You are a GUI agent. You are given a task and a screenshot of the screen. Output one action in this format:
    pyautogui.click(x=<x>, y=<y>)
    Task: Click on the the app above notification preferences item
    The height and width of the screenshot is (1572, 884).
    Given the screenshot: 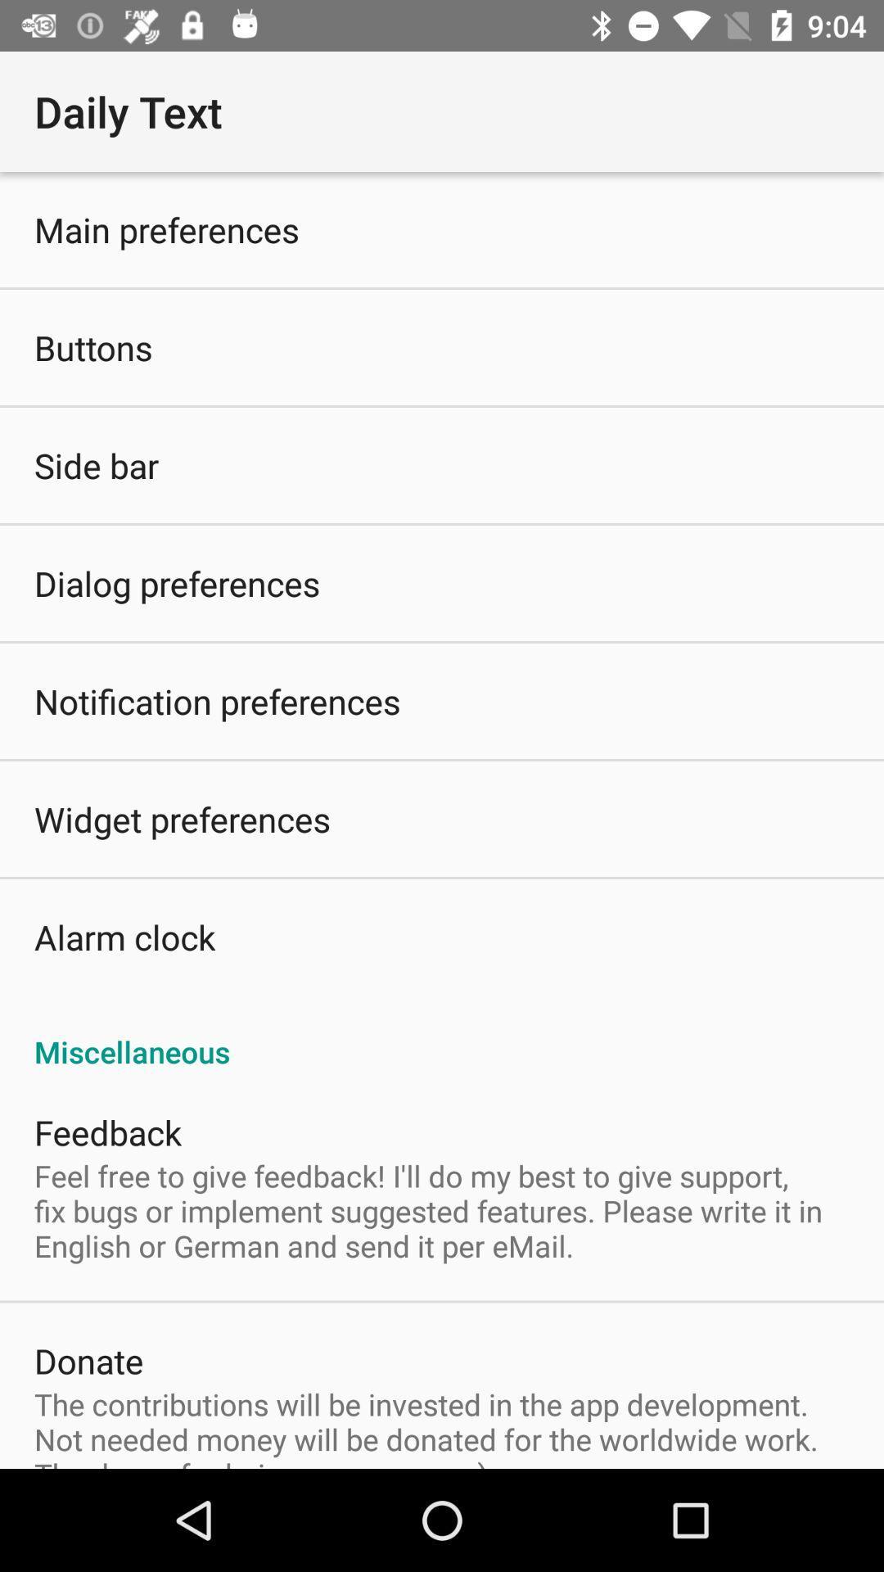 What is the action you would take?
    pyautogui.click(x=177, y=583)
    